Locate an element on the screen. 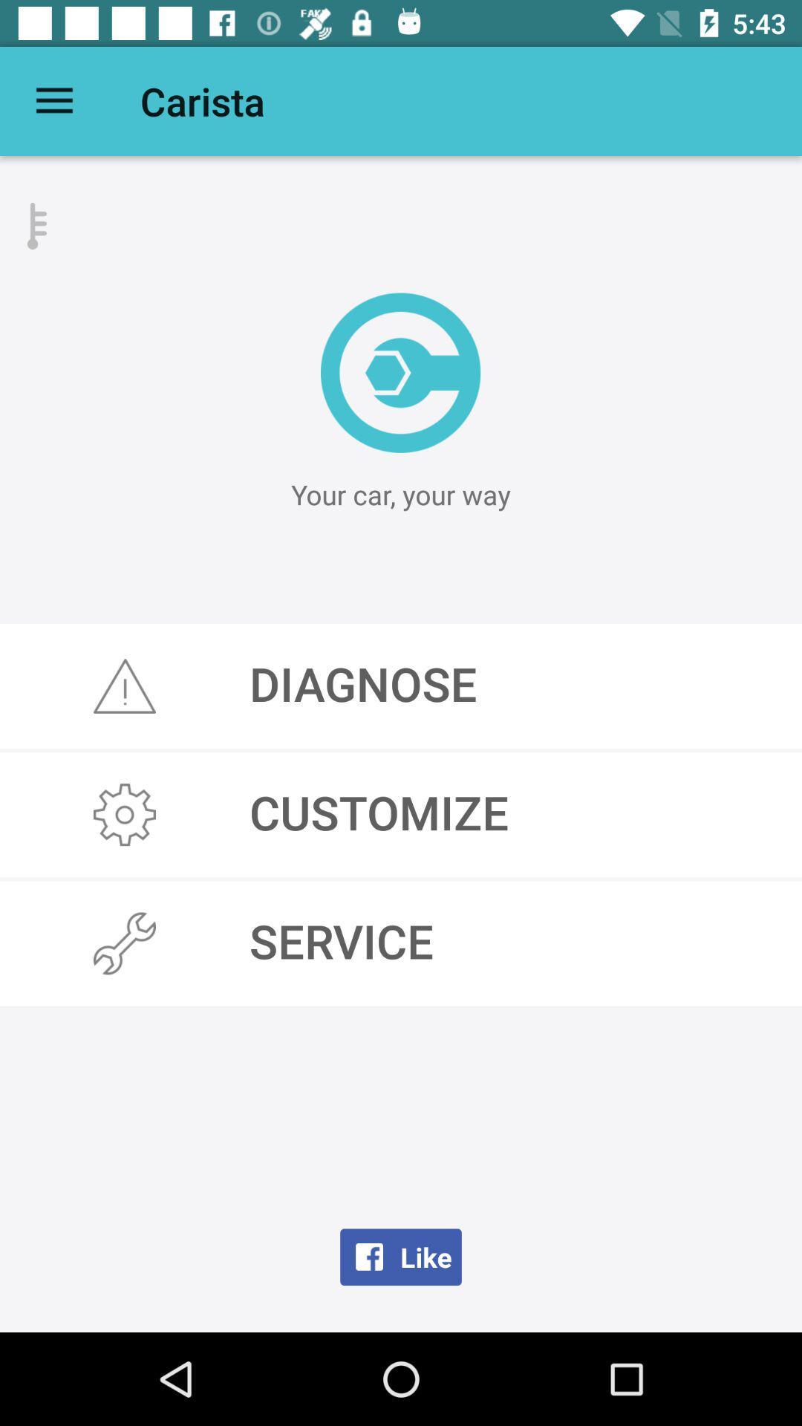  the icon above the customize icon is located at coordinates (401, 685).